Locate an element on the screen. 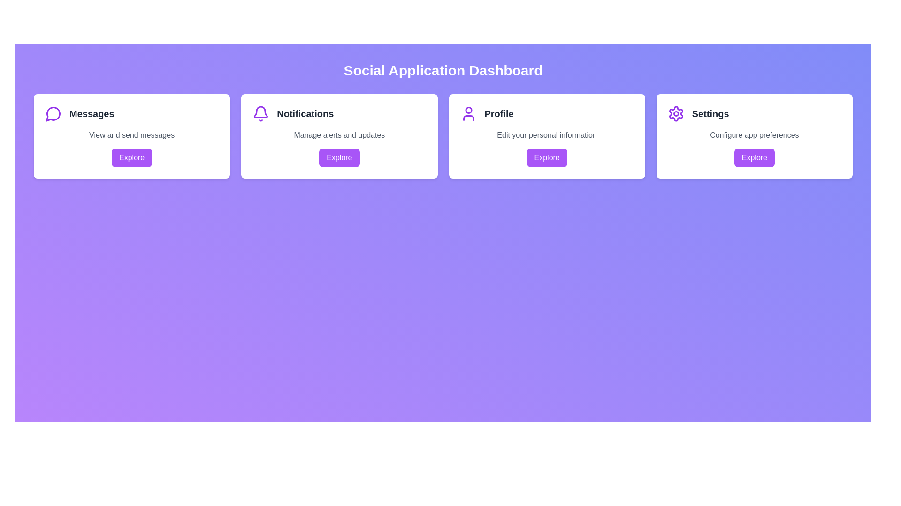  the second 'Explore' button with a purple background and white bold text located at the bottom of the 'Notifications' card is located at coordinates (339, 157).